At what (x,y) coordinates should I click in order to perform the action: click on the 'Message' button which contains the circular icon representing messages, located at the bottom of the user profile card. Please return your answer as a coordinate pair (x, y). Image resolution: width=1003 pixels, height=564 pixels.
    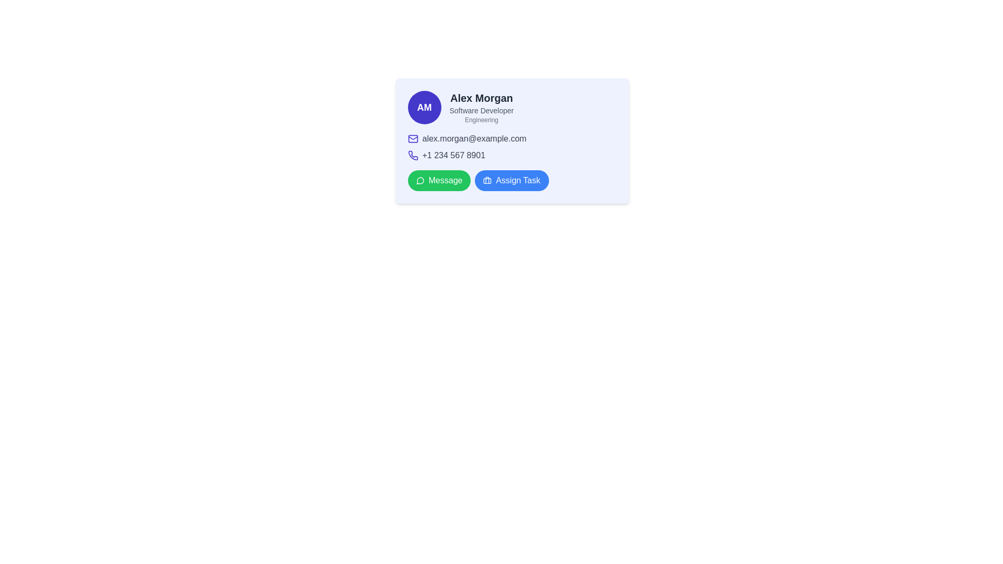
    Looking at the image, I should click on (420, 180).